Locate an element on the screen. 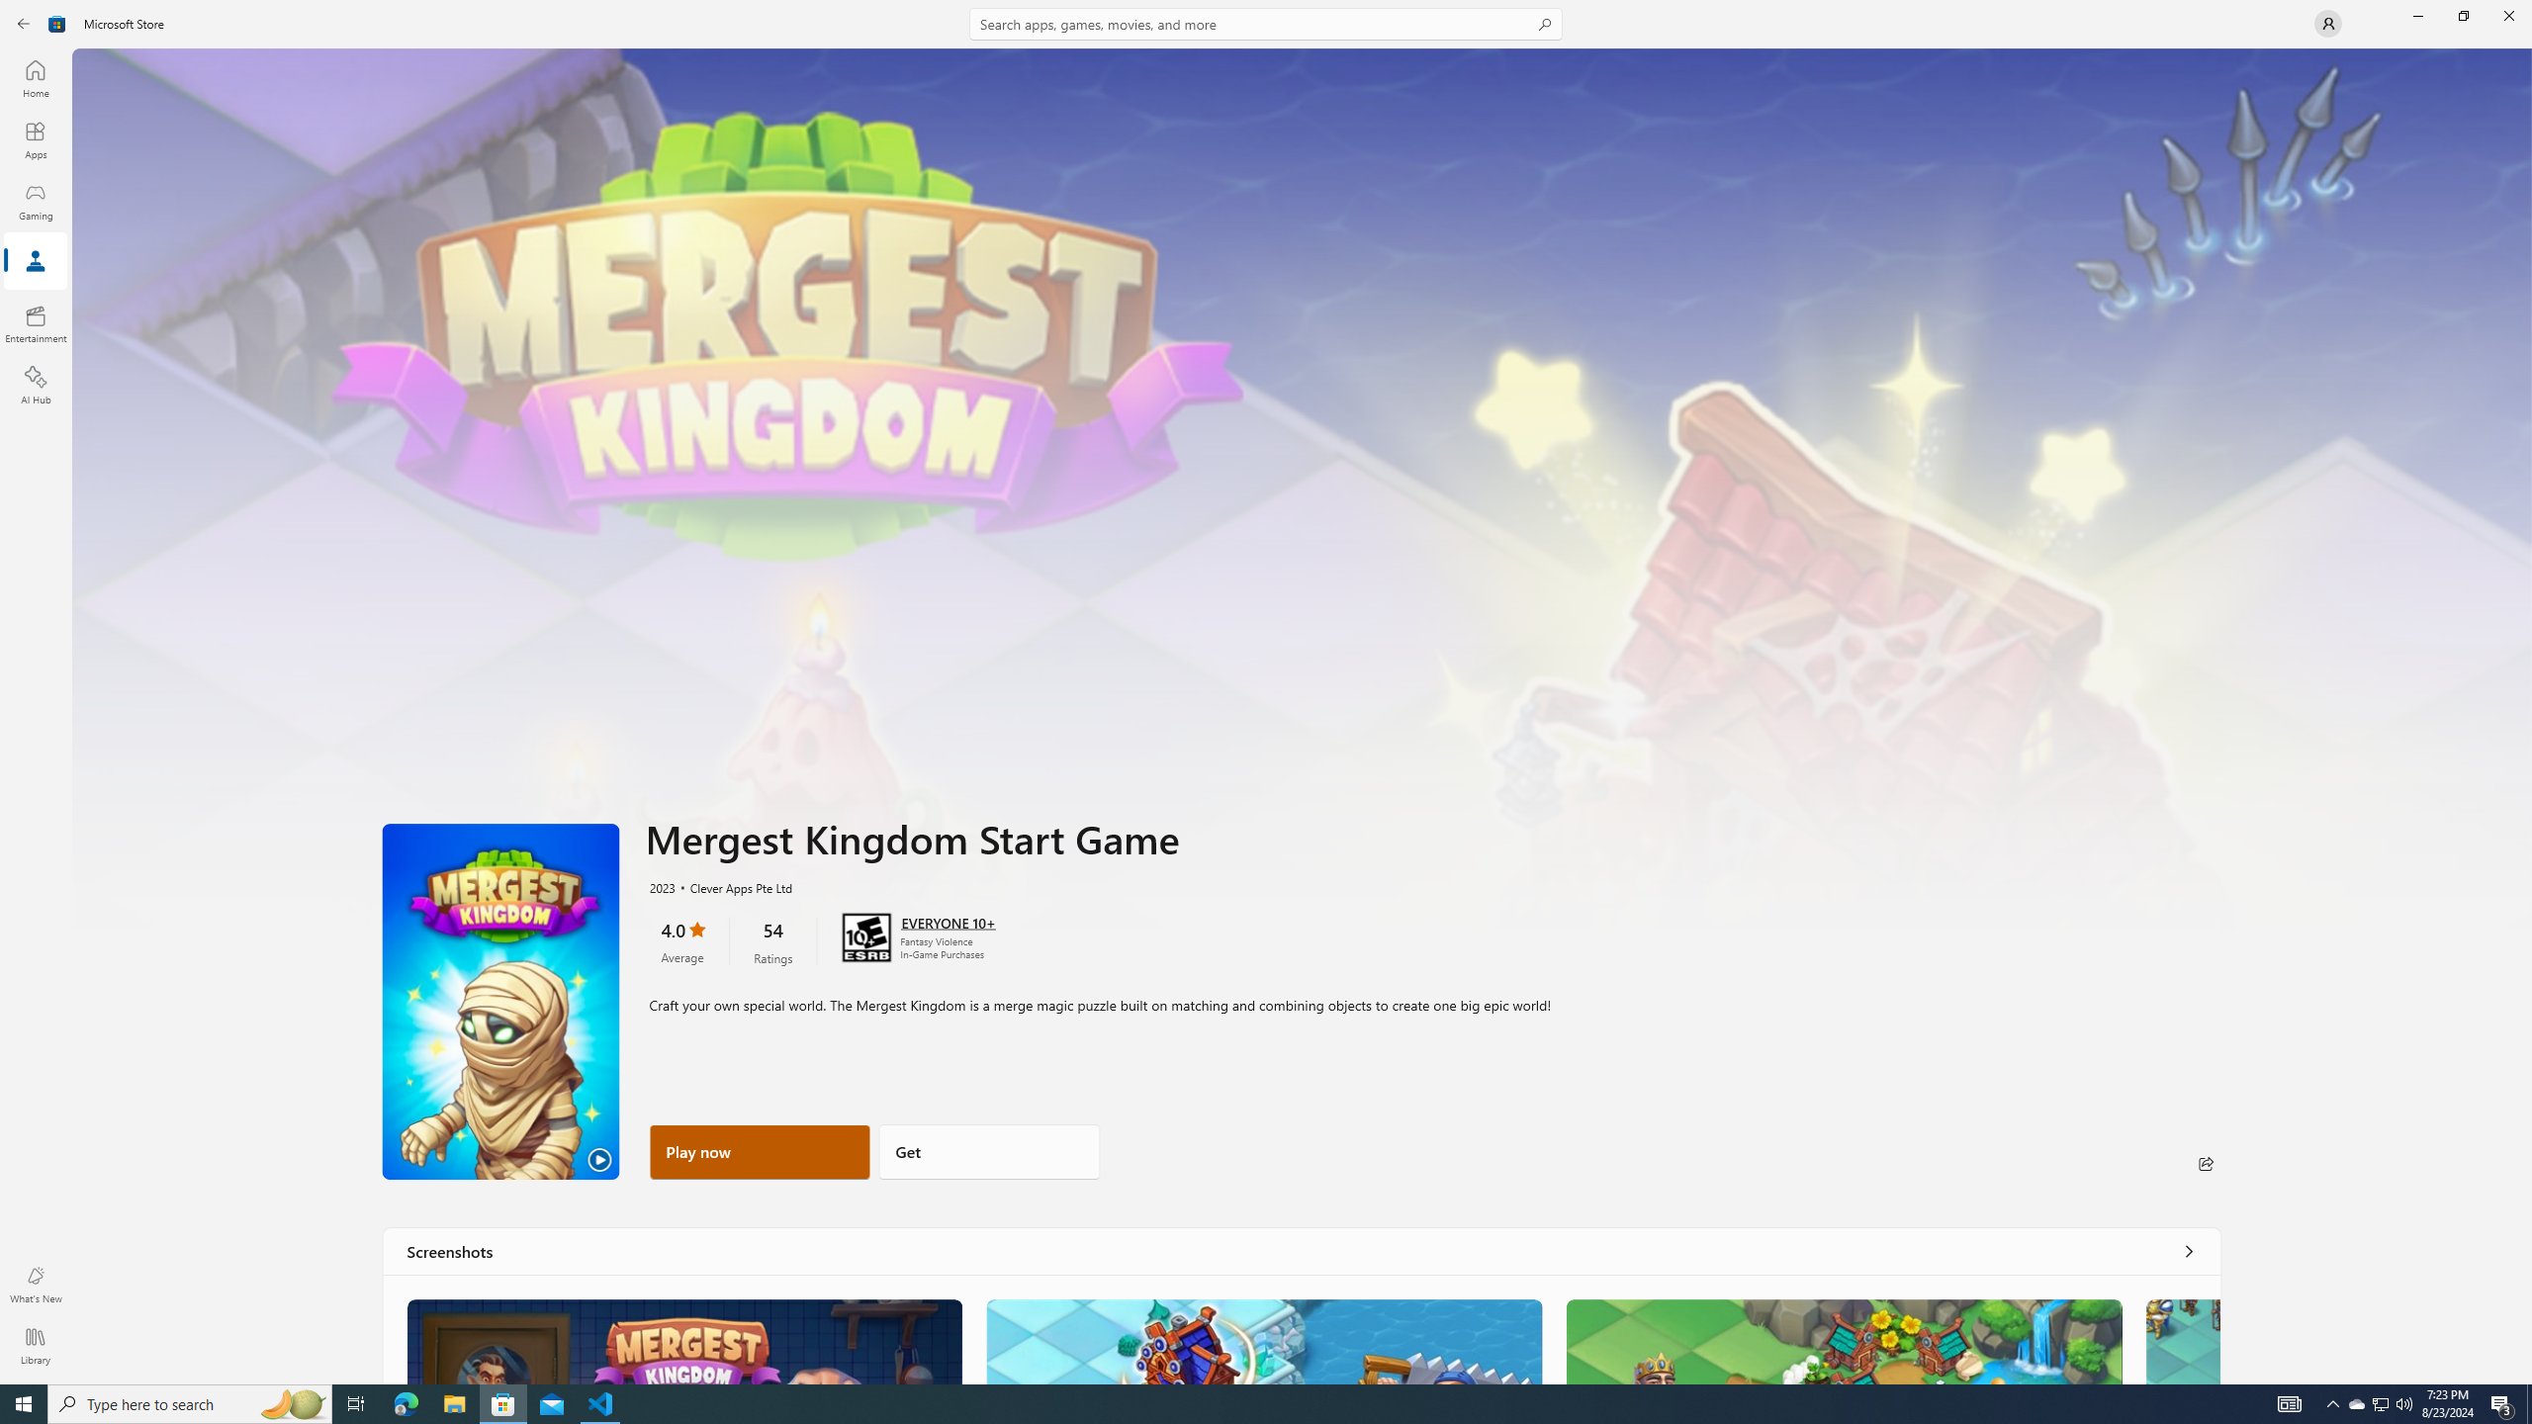 The image size is (2532, 1424). 'Screenshot 2' is located at coordinates (1262, 1340).